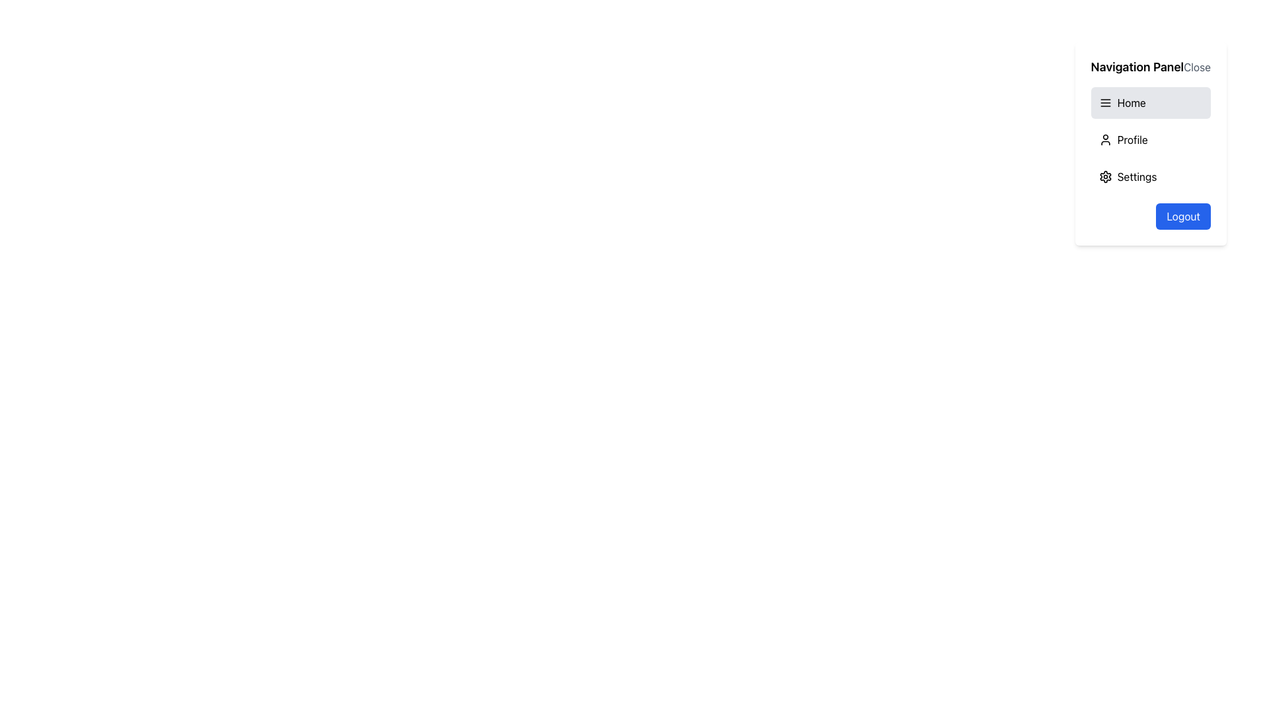  What do you see at coordinates (1105, 176) in the screenshot?
I see `the cogwheel icon in the settings section of the navigation menu` at bounding box center [1105, 176].